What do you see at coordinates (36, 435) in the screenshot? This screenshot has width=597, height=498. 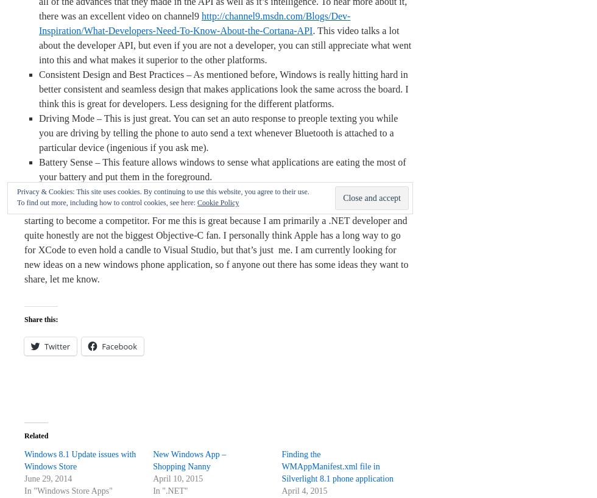 I see `'Related'` at bounding box center [36, 435].